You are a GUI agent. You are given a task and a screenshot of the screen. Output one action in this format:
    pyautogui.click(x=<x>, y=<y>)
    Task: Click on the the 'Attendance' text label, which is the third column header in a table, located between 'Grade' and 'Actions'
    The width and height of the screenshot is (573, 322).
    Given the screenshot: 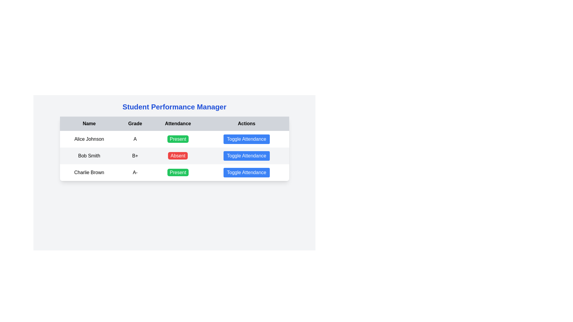 What is the action you would take?
    pyautogui.click(x=178, y=123)
    